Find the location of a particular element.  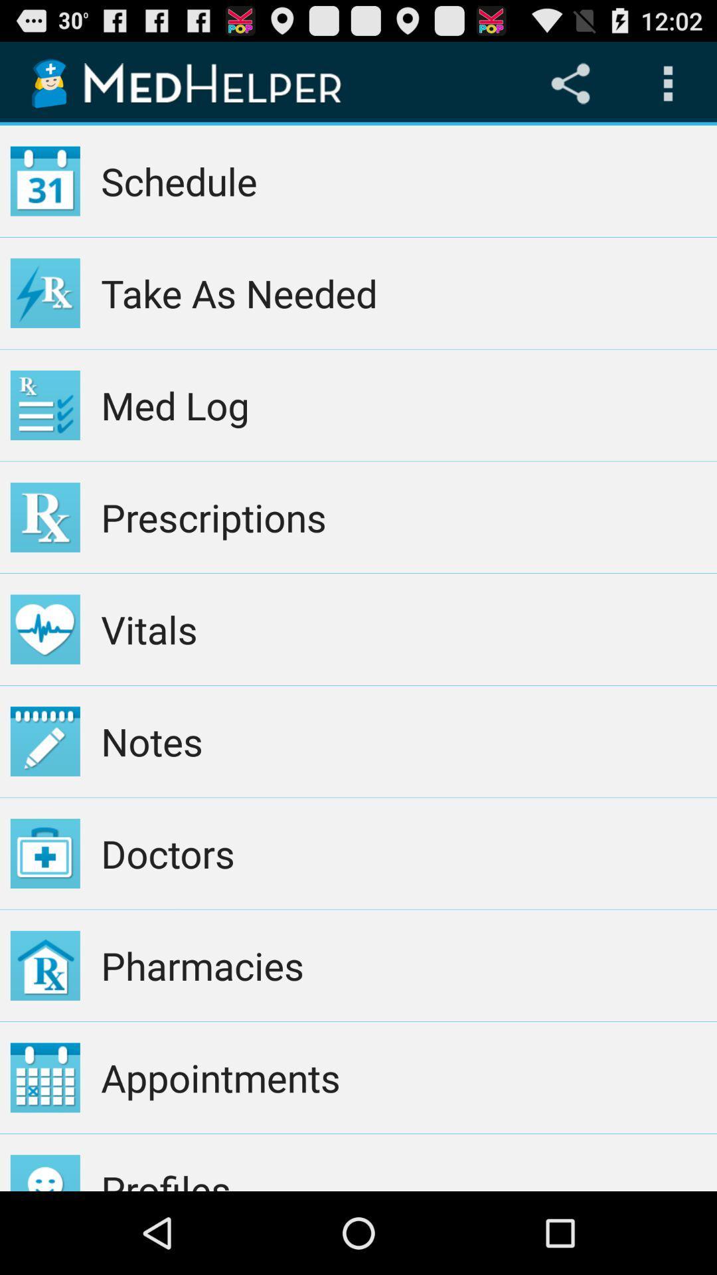

the prescriptions item is located at coordinates (403, 517).